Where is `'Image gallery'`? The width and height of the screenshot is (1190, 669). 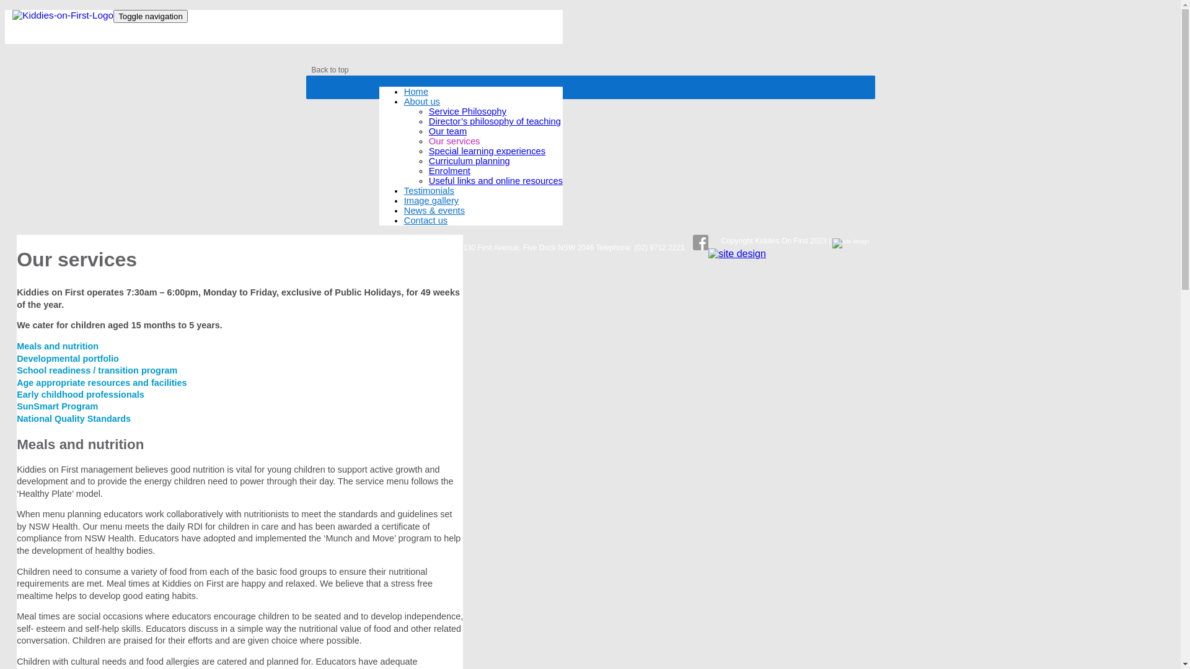 'Image gallery' is located at coordinates (431, 200).